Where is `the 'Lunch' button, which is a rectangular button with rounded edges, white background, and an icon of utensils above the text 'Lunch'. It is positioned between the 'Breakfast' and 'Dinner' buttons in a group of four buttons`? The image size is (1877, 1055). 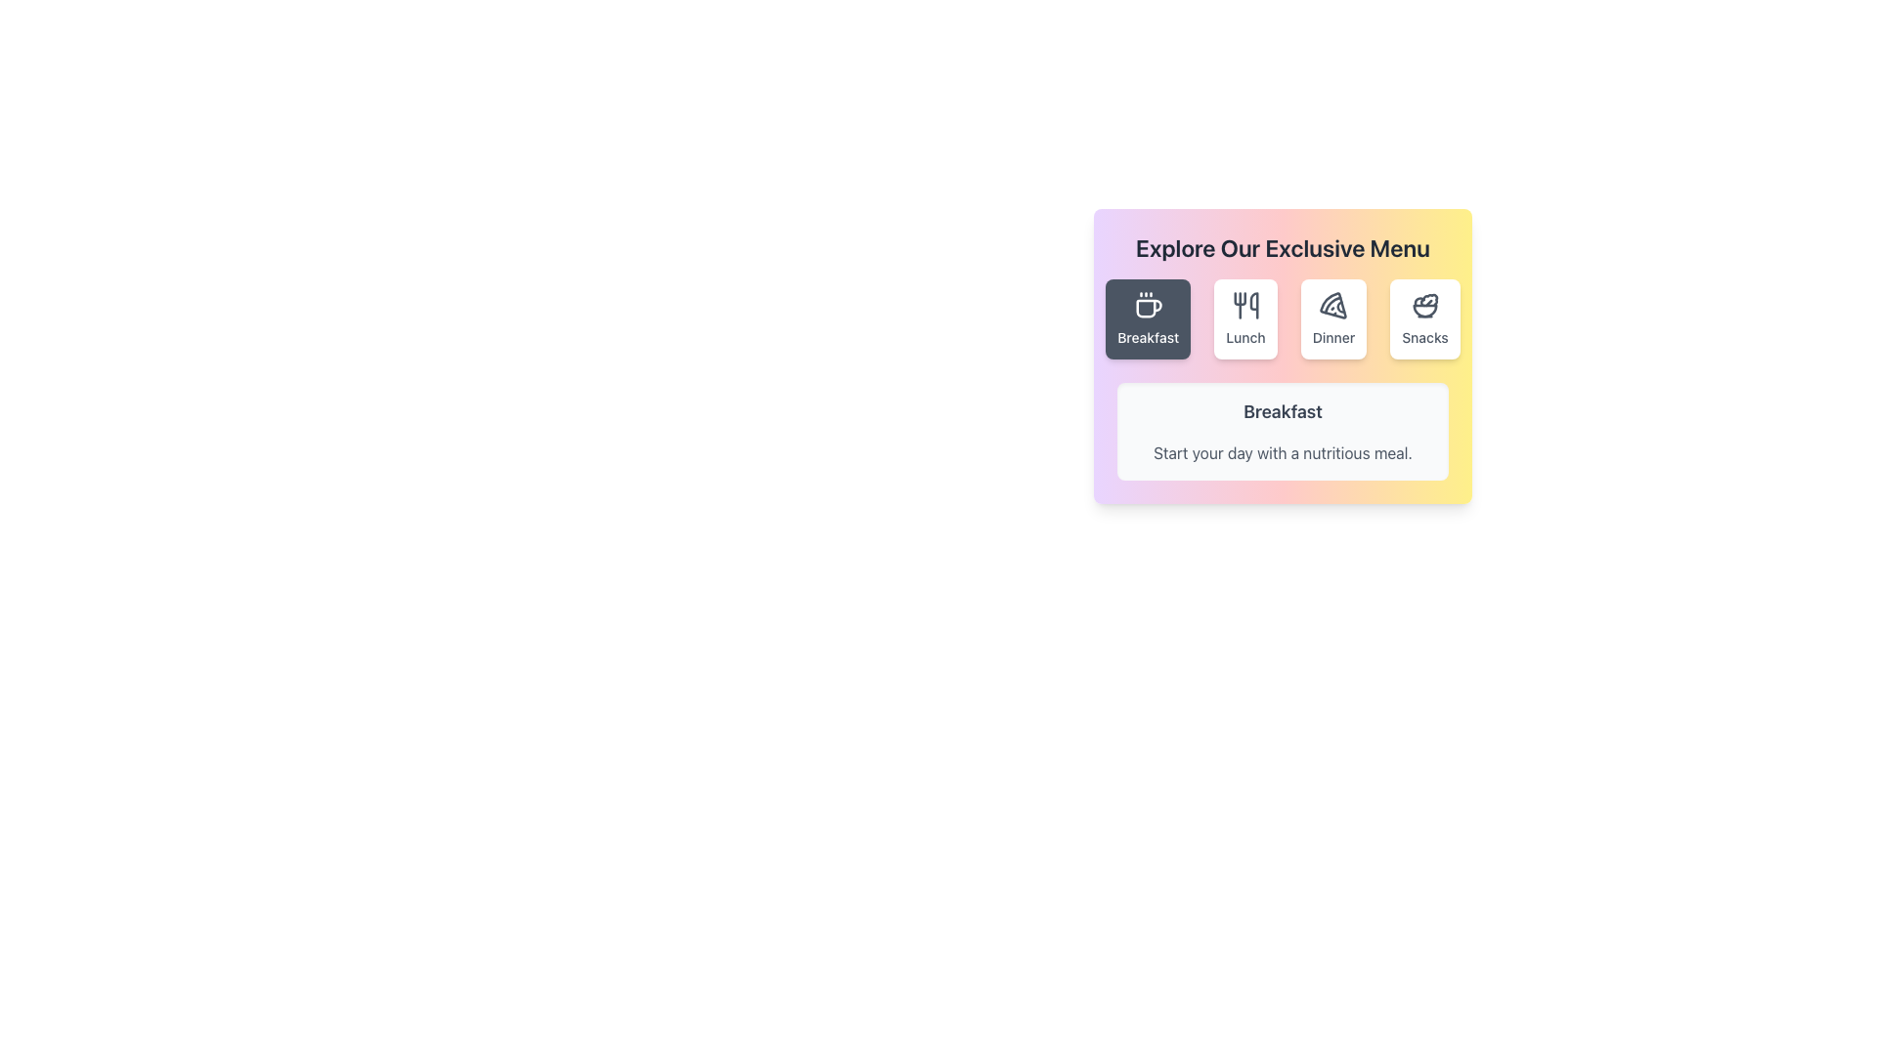 the 'Lunch' button, which is a rectangular button with rounded edges, white background, and an icon of utensils above the text 'Lunch'. It is positioned between the 'Breakfast' and 'Dinner' buttons in a group of four buttons is located at coordinates (1244, 318).